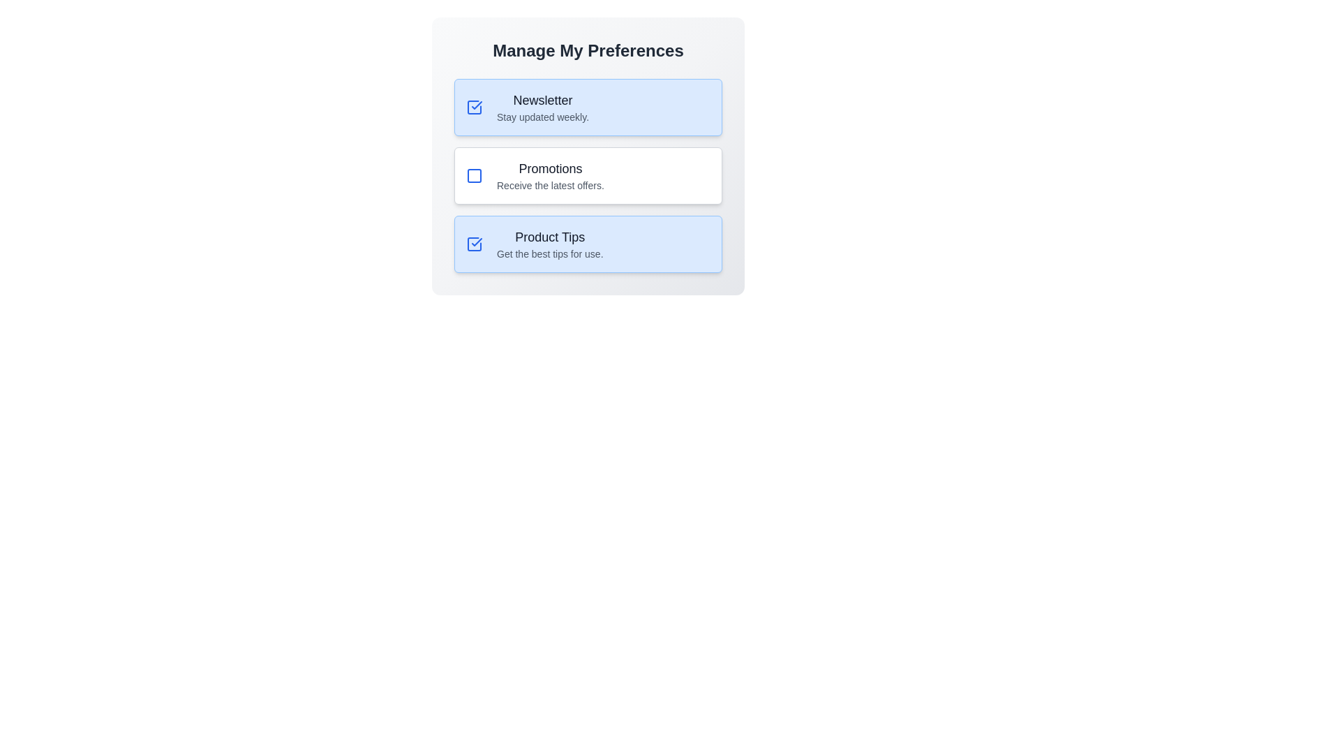  I want to click on the Checked checkbox icon located on the left side of the third option titled 'Product Tips', which is styled in blue and represents a checked state, so click(475, 244).